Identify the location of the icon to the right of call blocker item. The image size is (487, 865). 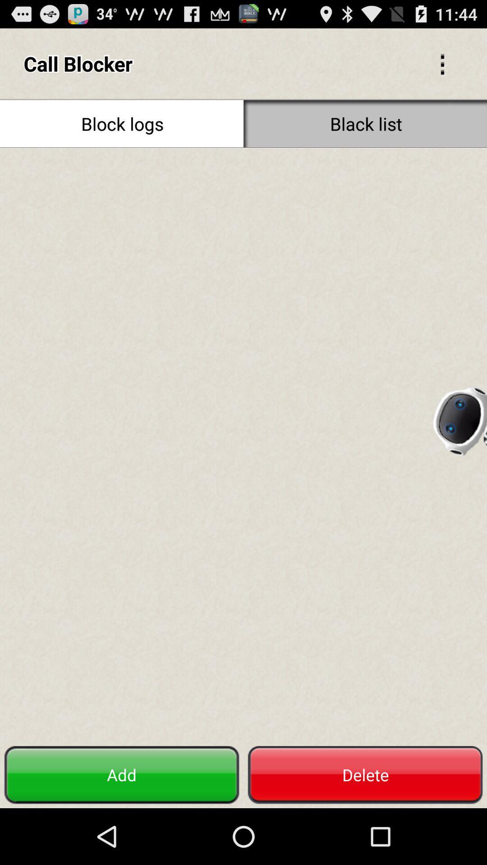
(442, 63).